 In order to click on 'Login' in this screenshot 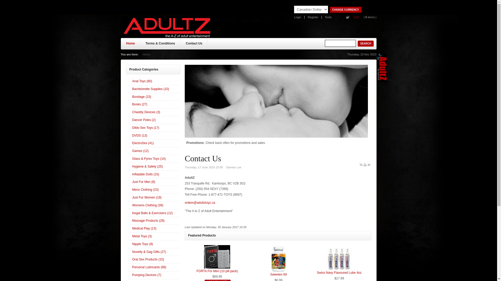, I will do `click(298, 17)`.